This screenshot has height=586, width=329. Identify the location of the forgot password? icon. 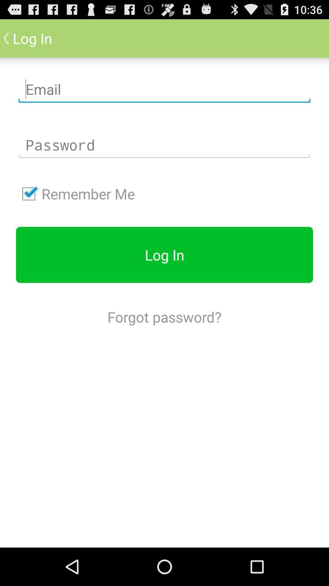
(164, 317).